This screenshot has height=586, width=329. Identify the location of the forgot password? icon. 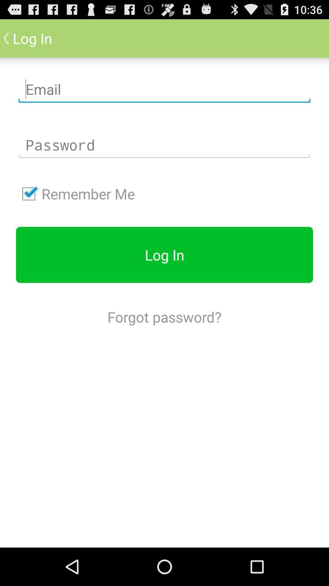
(164, 317).